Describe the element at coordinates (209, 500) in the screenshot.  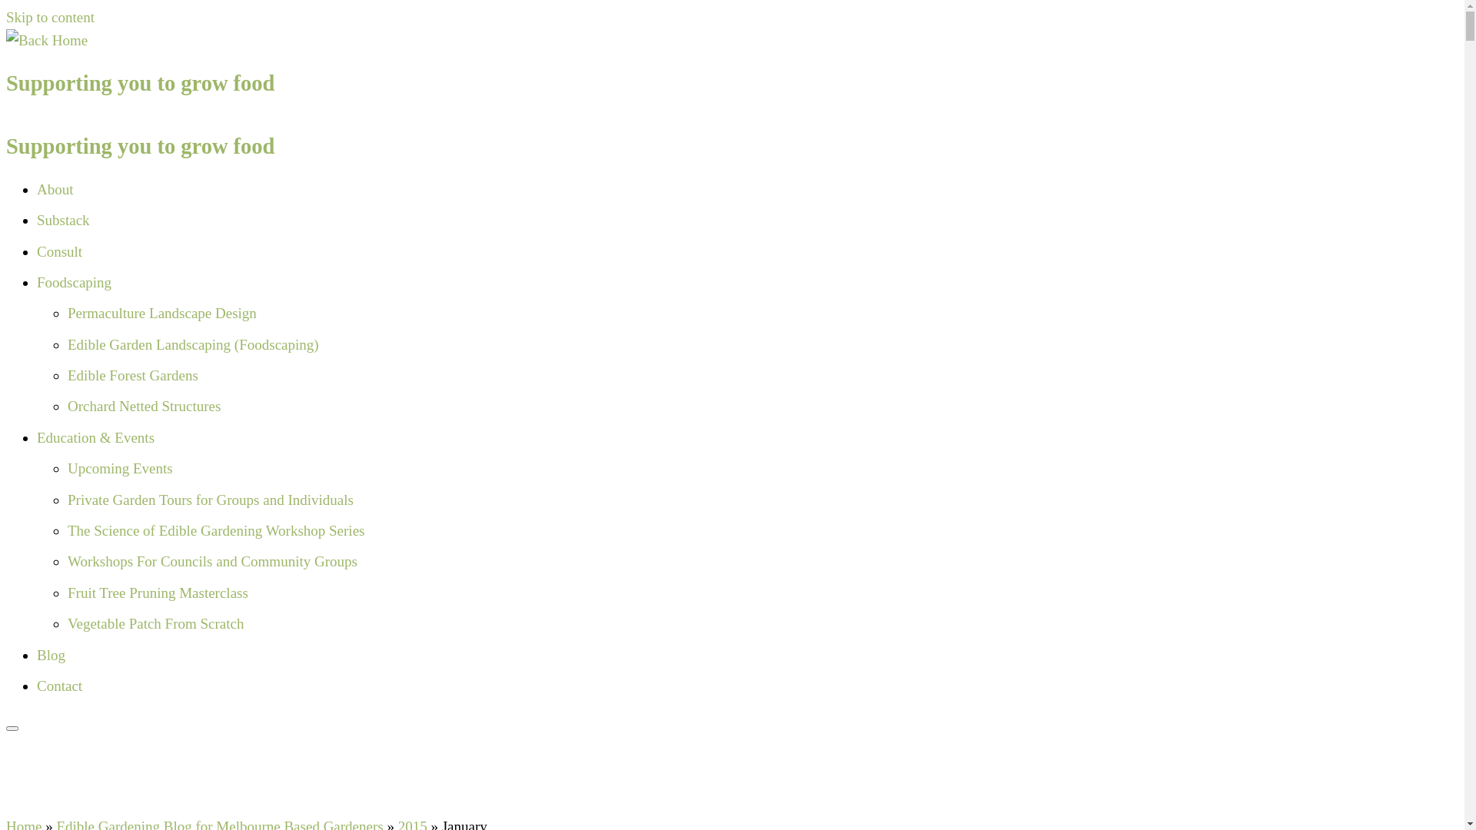
I see `'Private Garden Tours for Groups and Individuals'` at that location.